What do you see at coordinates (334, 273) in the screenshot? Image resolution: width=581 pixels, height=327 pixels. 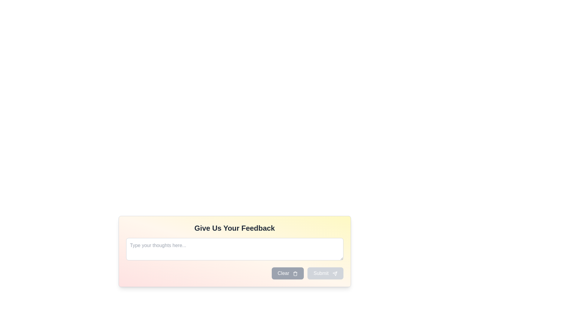 I see `the send icon styled as a paper plane, located at the far right of the 'Submit' button` at bounding box center [334, 273].